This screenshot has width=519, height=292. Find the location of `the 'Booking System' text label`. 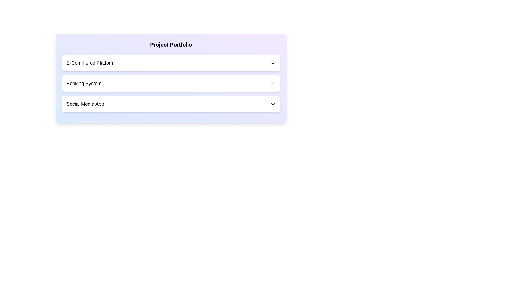

the 'Booking System' text label is located at coordinates (84, 83).